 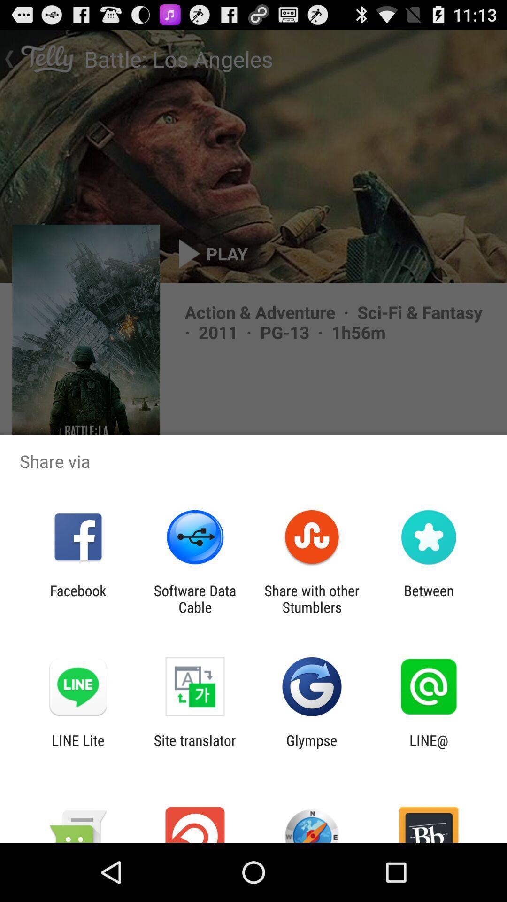 What do you see at coordinates (429, 599) in the screenshot?
I see `between item` at bounding box center [429, 599].